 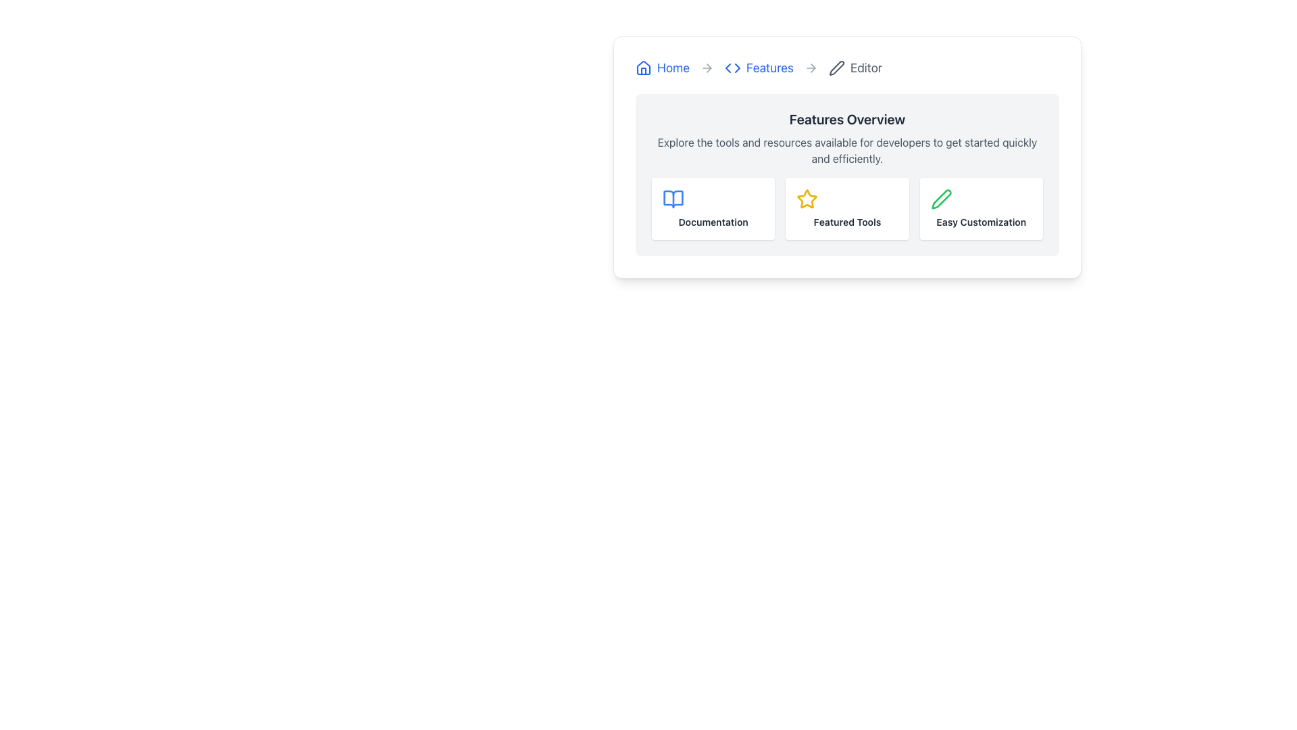 I want to click on the home icon in the breadcrumb navigation bar, so click(x=643, y=68).